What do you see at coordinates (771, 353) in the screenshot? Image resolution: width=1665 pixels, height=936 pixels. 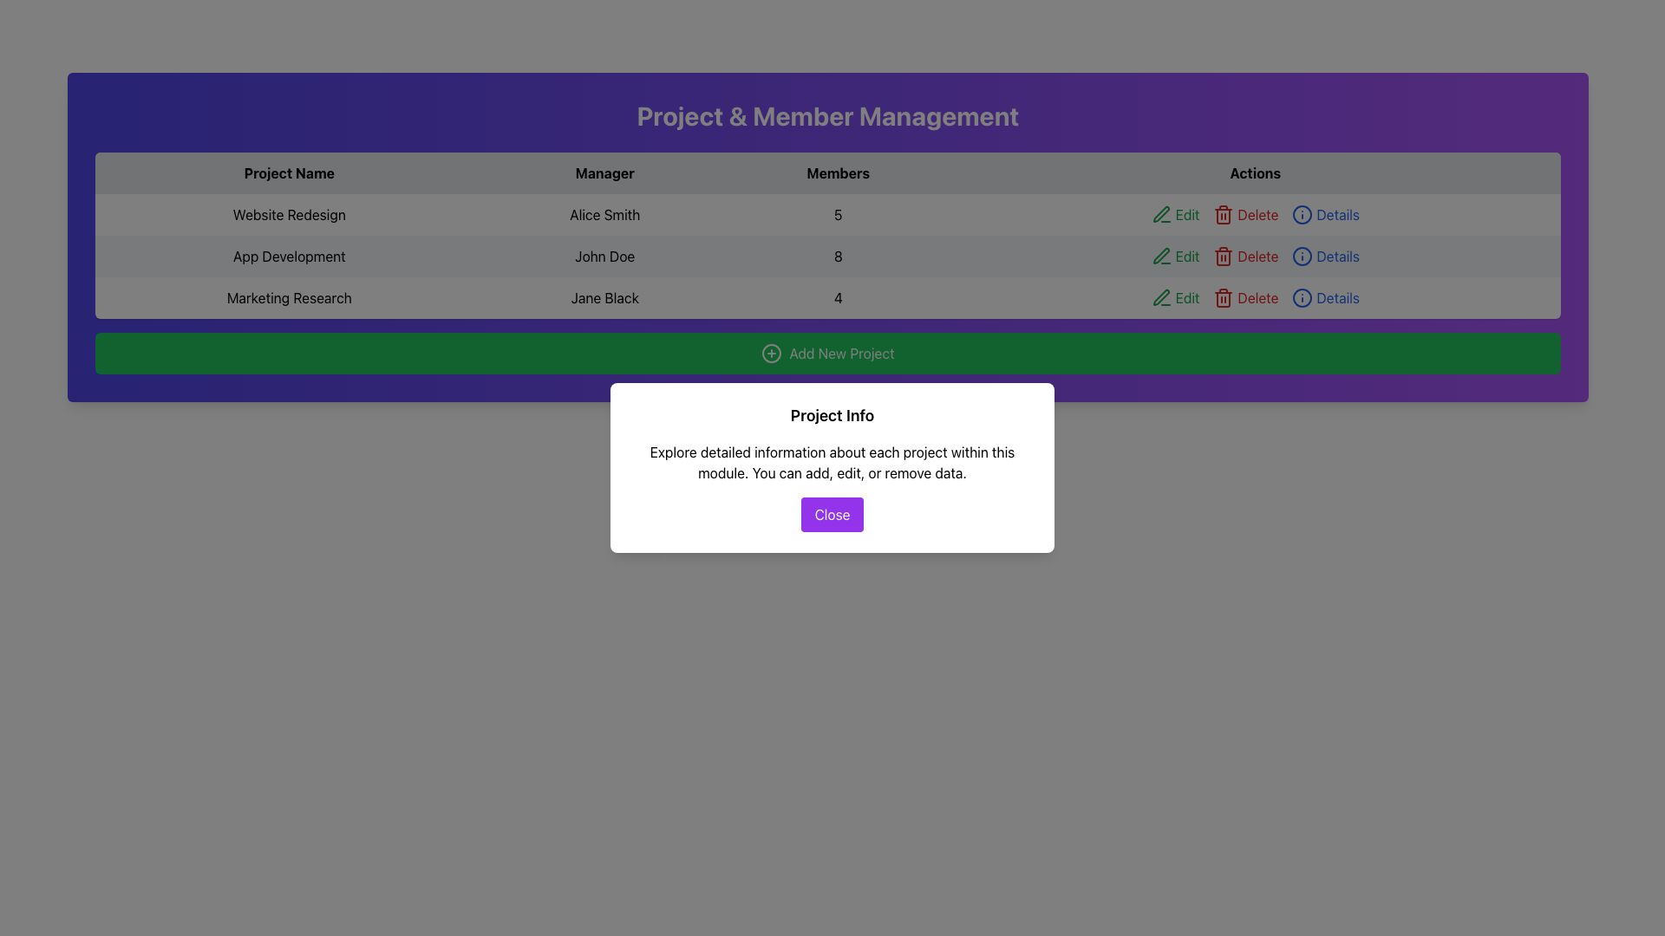 I see `the circular icon with a plus sign located to the left of the 'Add New Project' button` at bounding box center [771, 353].